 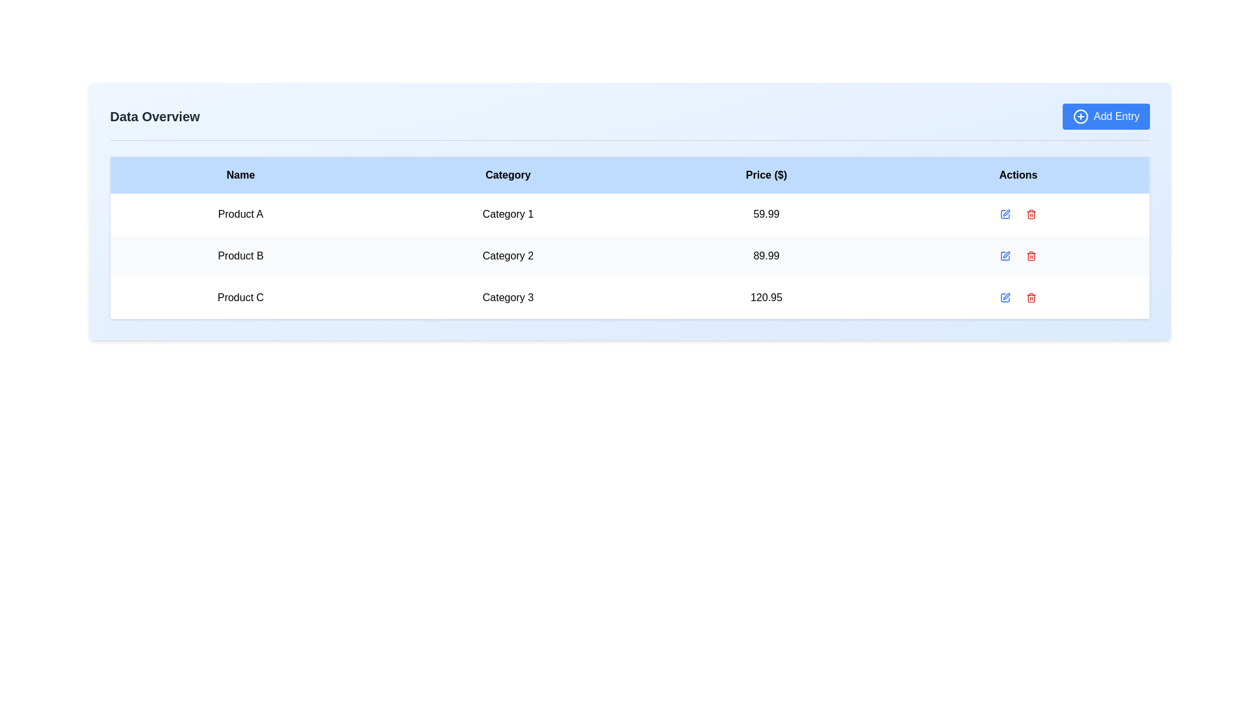 What do you see at coordinates (766, 256) in the screenshot?
I see `the price text label located in the third column of the second row of the table, which displays the price of the corresponding product` at bounding box center [766, 256].